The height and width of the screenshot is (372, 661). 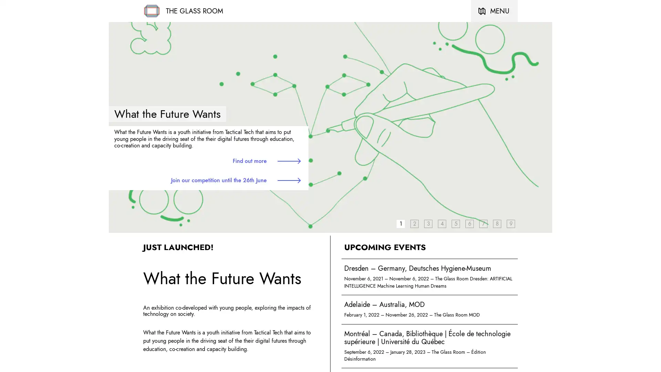 I want to click on slide item 8, so click(x=497, y=223).